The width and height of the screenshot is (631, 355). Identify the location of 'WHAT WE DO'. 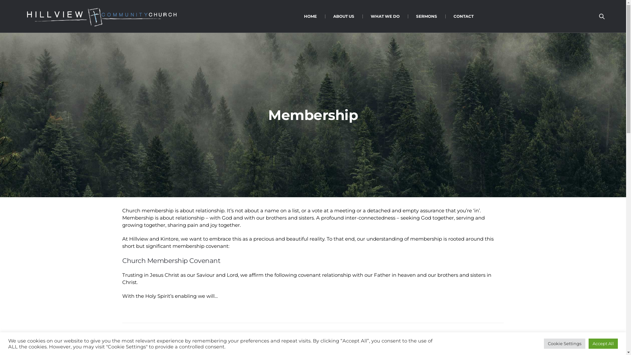
(362, 16).